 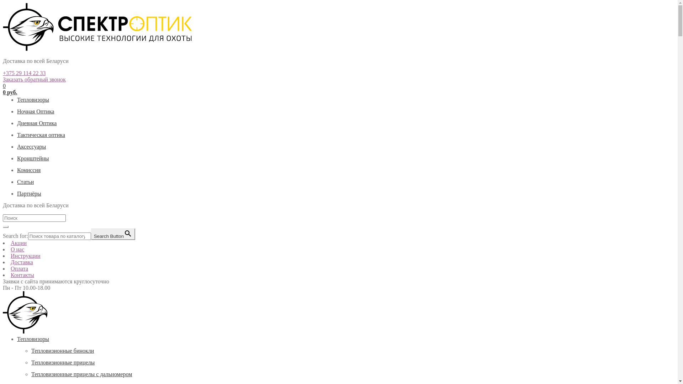 What do you see at coordinates (24, 73) in the screenshot?
I see `'+375 29 114 22 33'` at bounding box center [24, 73].